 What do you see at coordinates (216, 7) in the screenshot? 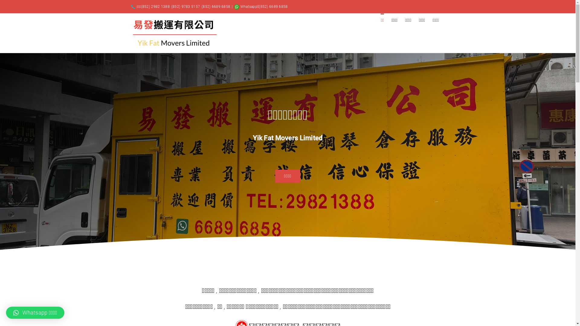
I see `'(852) 6689 6858'` at bounding box center [216, 7].